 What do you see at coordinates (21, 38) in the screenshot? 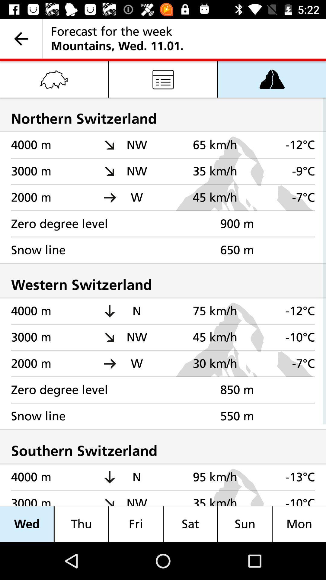
I see `icon next to the forecast for the icon` at bounding box center [21, 38].